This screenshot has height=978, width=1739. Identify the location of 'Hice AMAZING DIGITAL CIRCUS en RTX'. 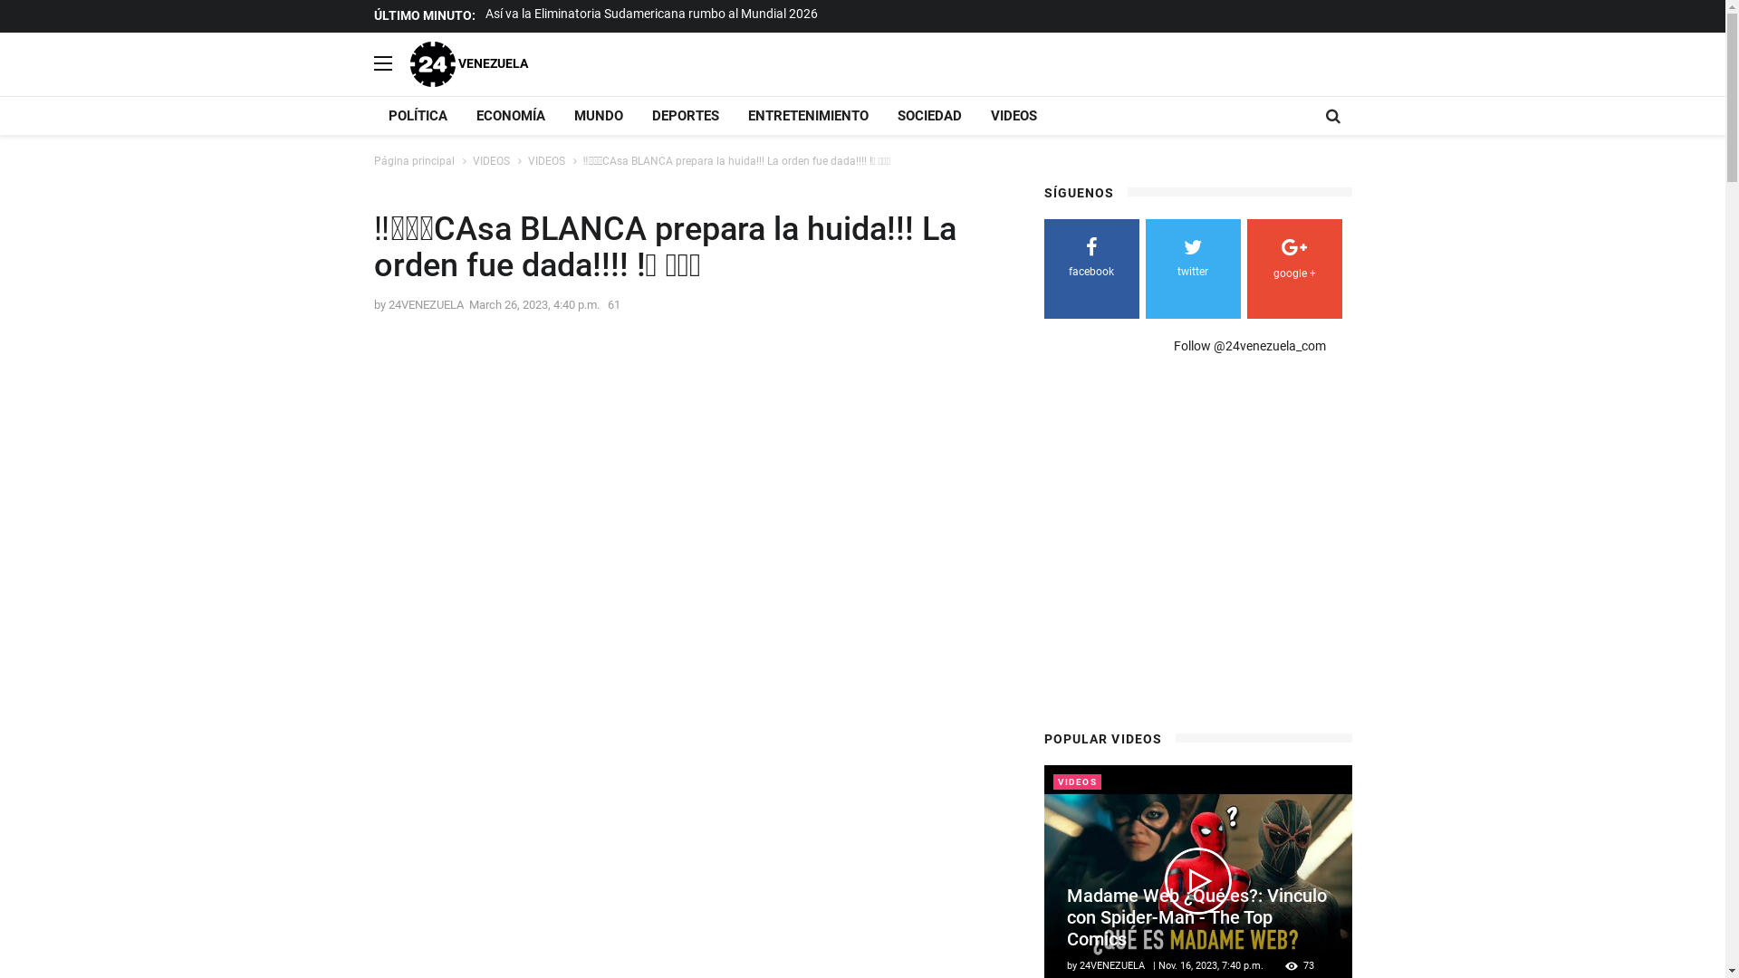
(595, 14).